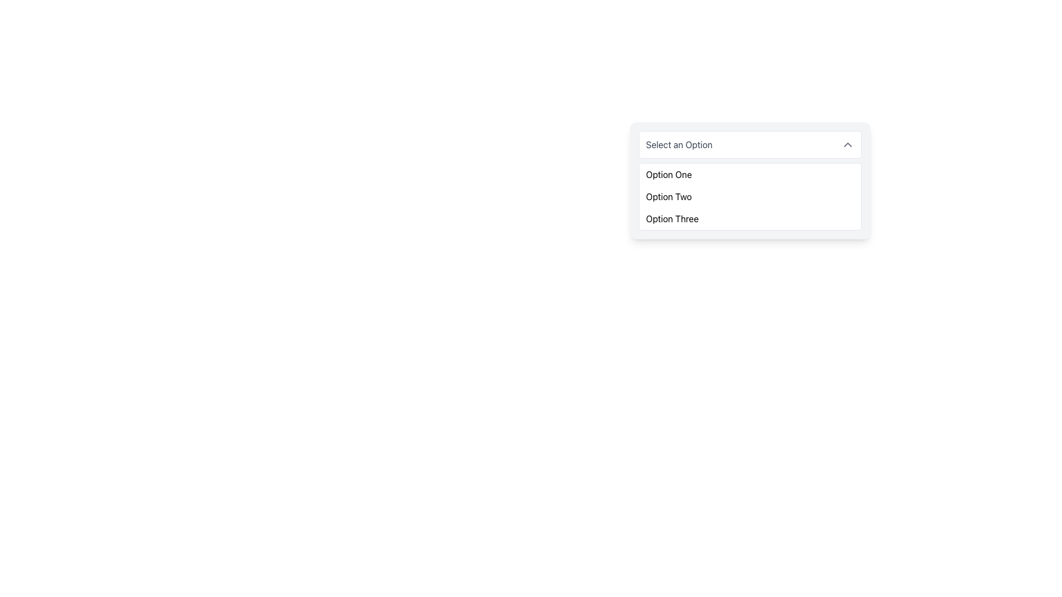  I want to click on the 'Option One' text in the dropdown menu under the 'Select an Option' section, so click(668, 174).